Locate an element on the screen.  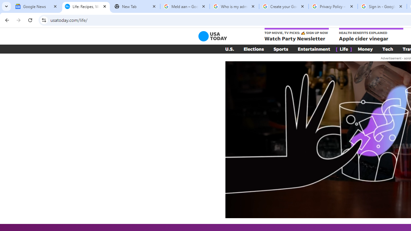
'Money' is located at coordinates (365, 49).